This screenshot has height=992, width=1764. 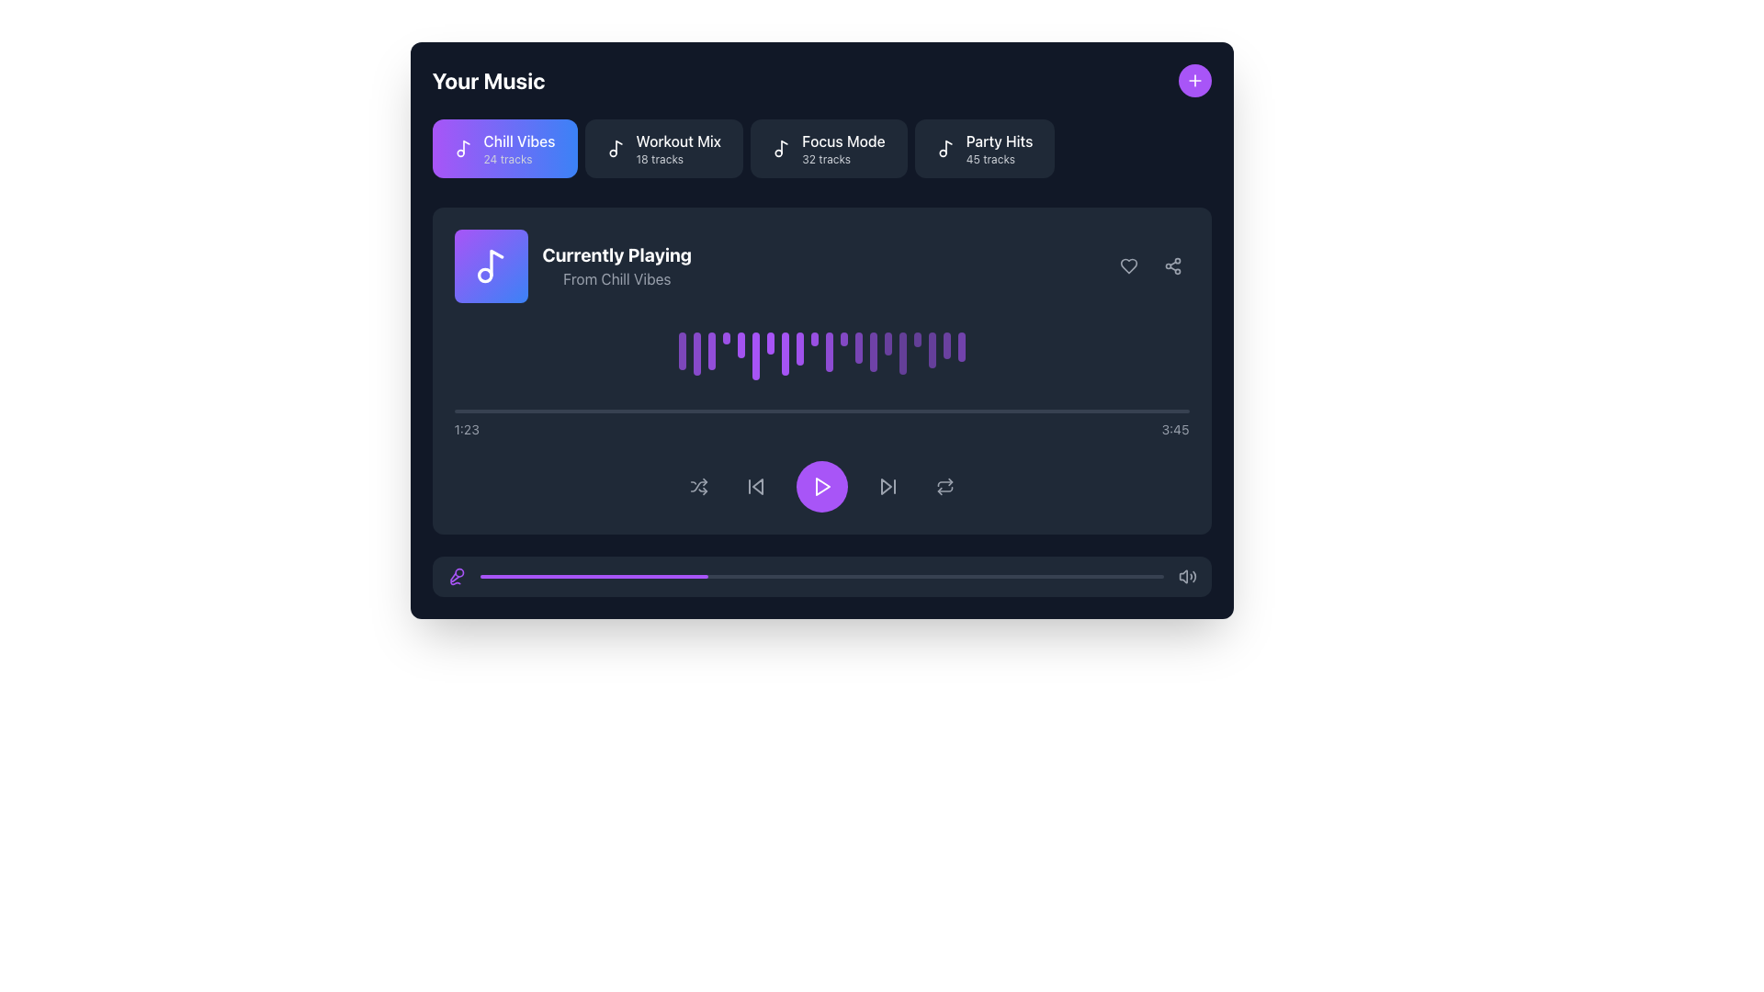 What do you see at coordinates (888, 486) in the screenshot?
I see `the skip-forward button, which is styled as a small square with a gray outline and contains a triangular skip-forward SVG icon, to skip to the next track` at bounding box center [888, 486].